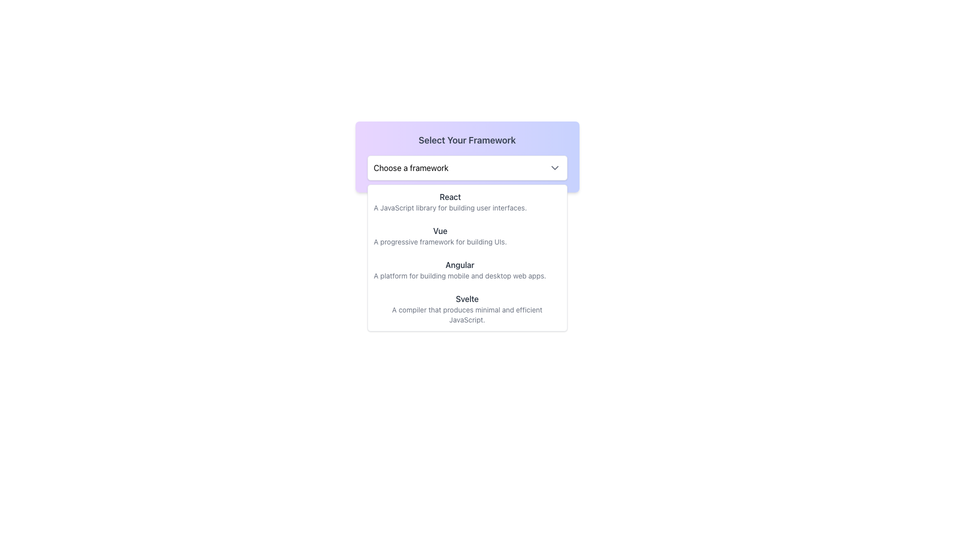 The height and width of the screenshot is (540, 960). I want to click on the 'Angular' text block, which is the third item under the 'Select Your Framework' heading, to interact with or select it, so click(459, 270).